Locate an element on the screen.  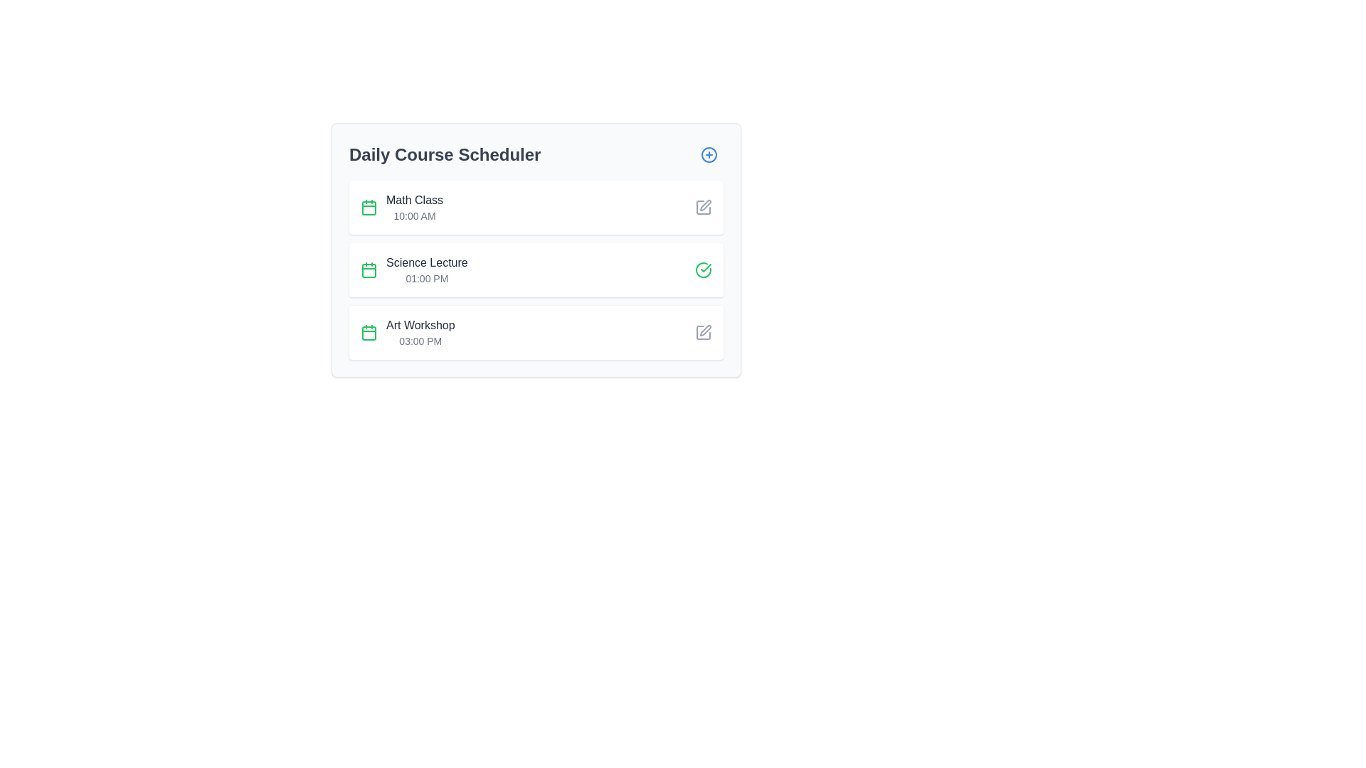
the 'Math Class' static text label, which is prominently displayed in gray within the top event section of the 'Daily Course Scheduler' interface is located at coordinates (414, 200).